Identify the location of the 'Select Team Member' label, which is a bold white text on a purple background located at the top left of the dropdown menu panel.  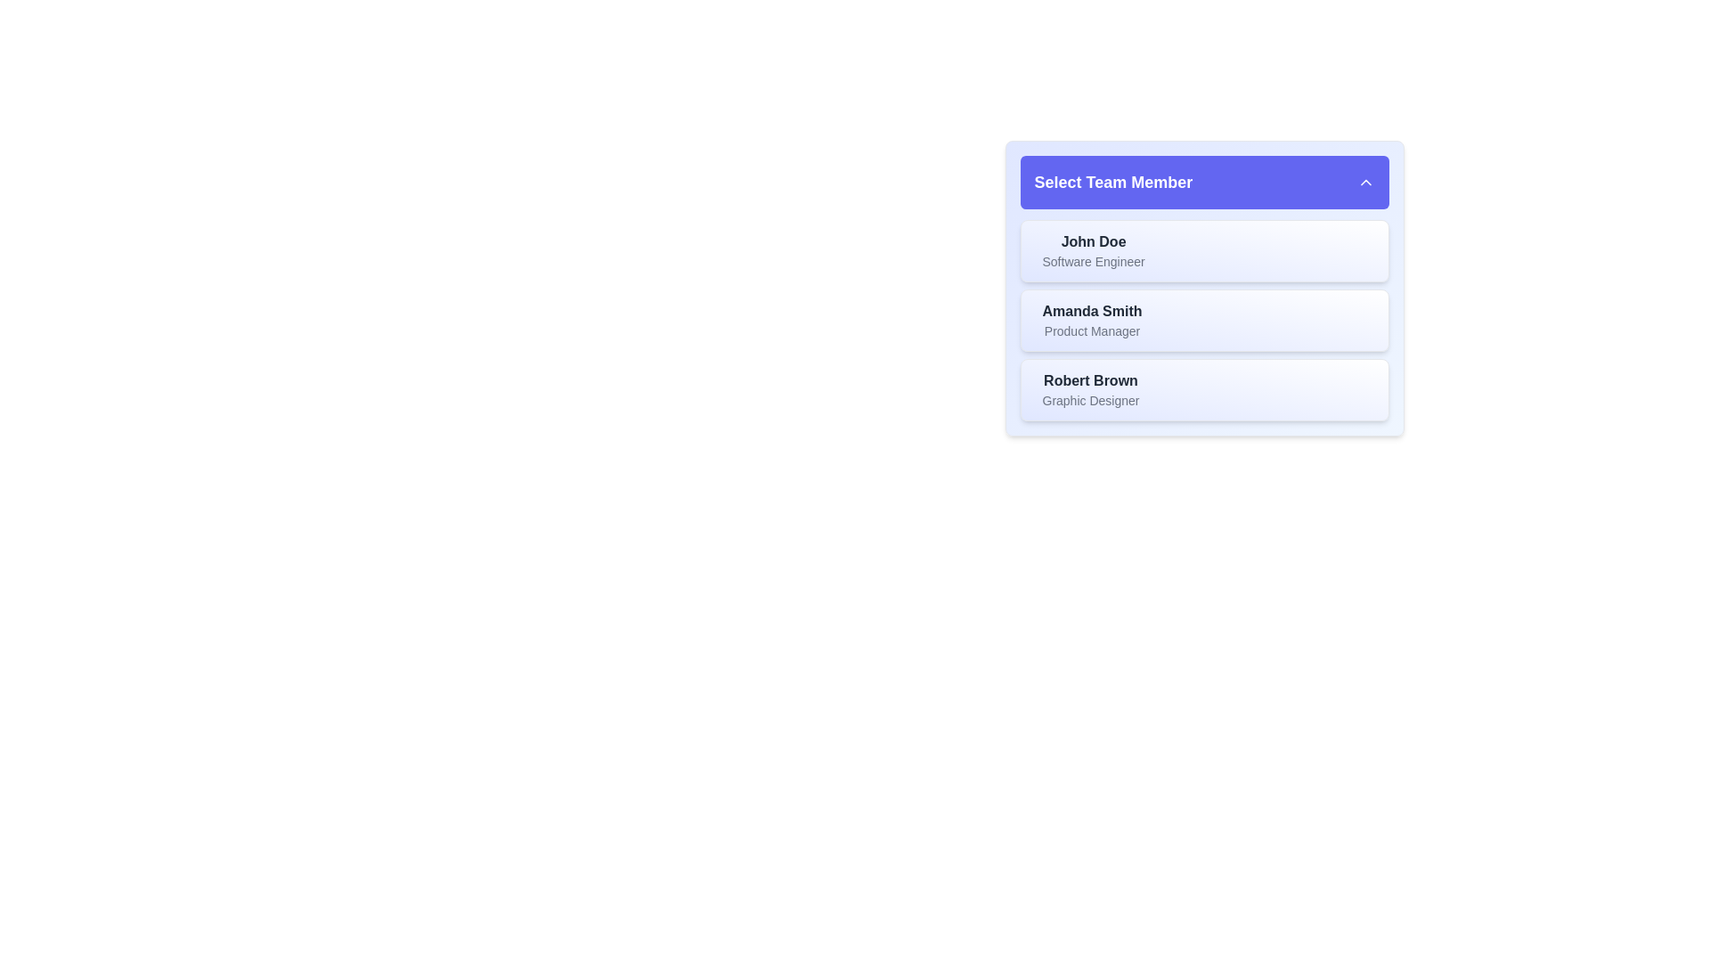
(1112, 182).